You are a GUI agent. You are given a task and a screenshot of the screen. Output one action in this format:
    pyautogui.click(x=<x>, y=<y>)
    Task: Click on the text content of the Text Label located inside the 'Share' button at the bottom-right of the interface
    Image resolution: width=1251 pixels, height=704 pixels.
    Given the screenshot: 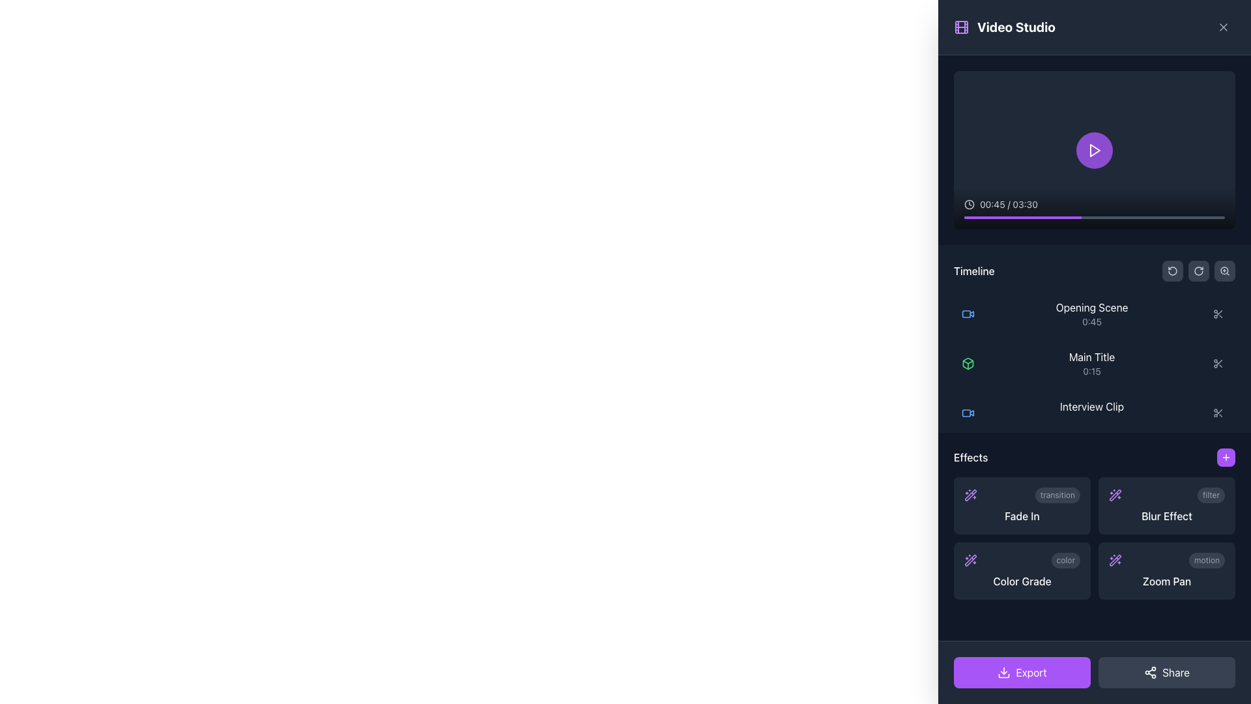 What is the action you would take?
    pyautogui.click(x=1175, y=673)
    